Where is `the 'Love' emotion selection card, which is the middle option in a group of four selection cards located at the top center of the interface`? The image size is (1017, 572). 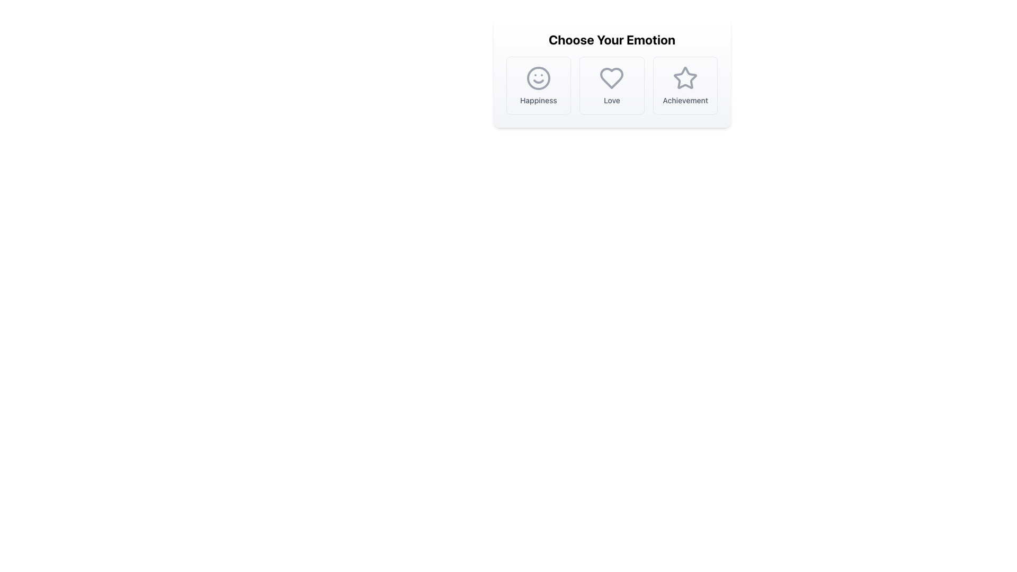 the 'Love' emotion selection card, which is the middle option in a group of four selection cards located at the top center of the interface is located at coordinates (612, 73).